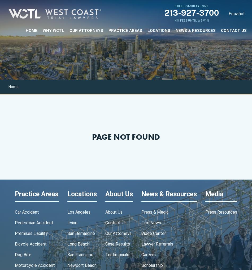  What do you see at coordinates (117, 255) in the screenshot?
I see `'Testimonials'` at bounding box center [117, 255].